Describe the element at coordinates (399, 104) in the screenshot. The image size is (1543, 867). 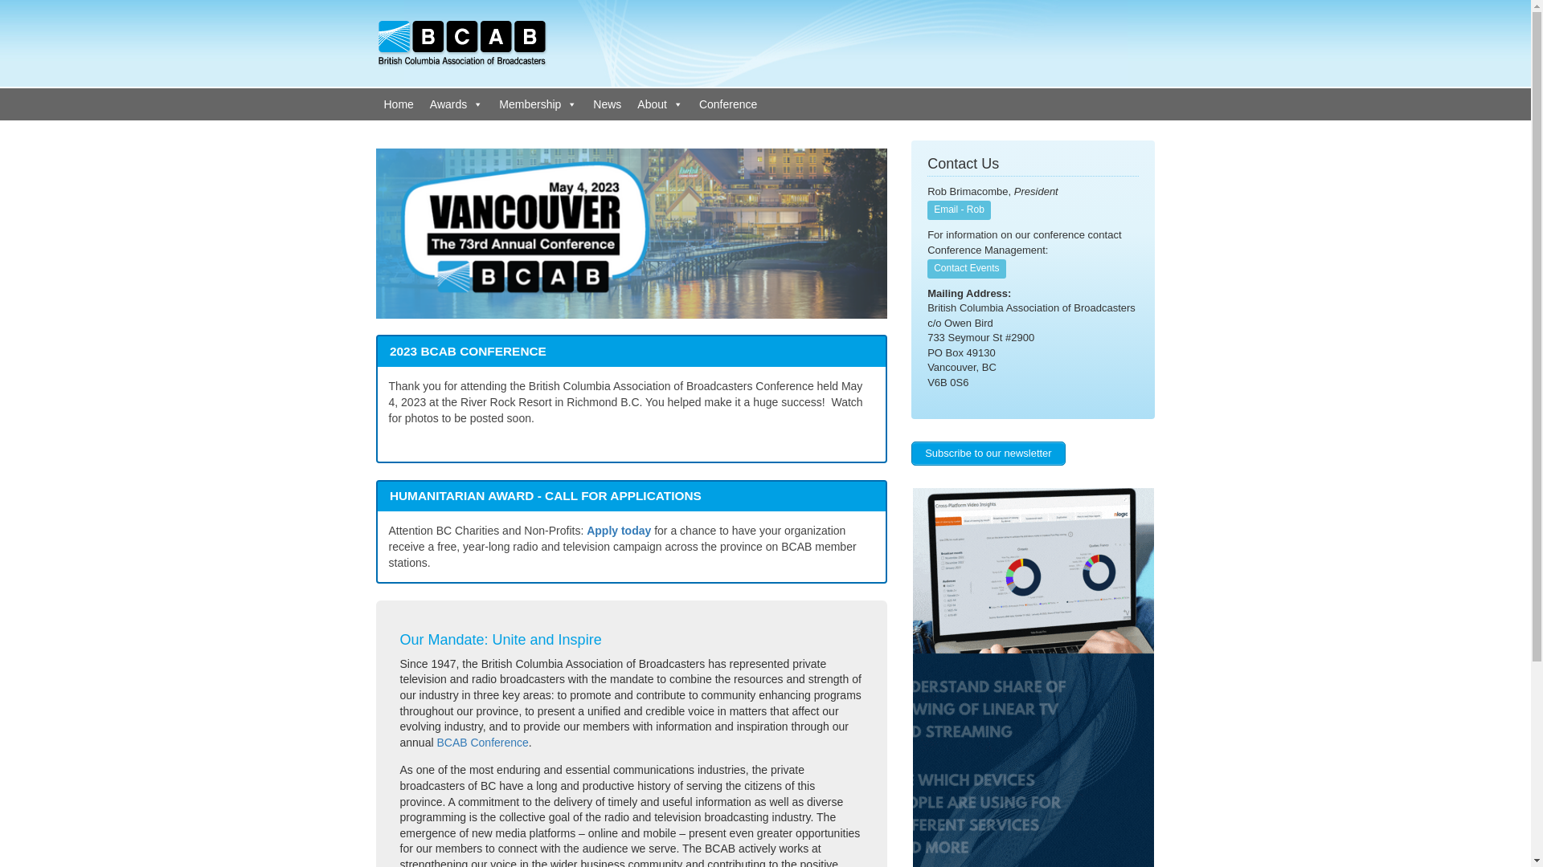
I see `'Home'` at that location.